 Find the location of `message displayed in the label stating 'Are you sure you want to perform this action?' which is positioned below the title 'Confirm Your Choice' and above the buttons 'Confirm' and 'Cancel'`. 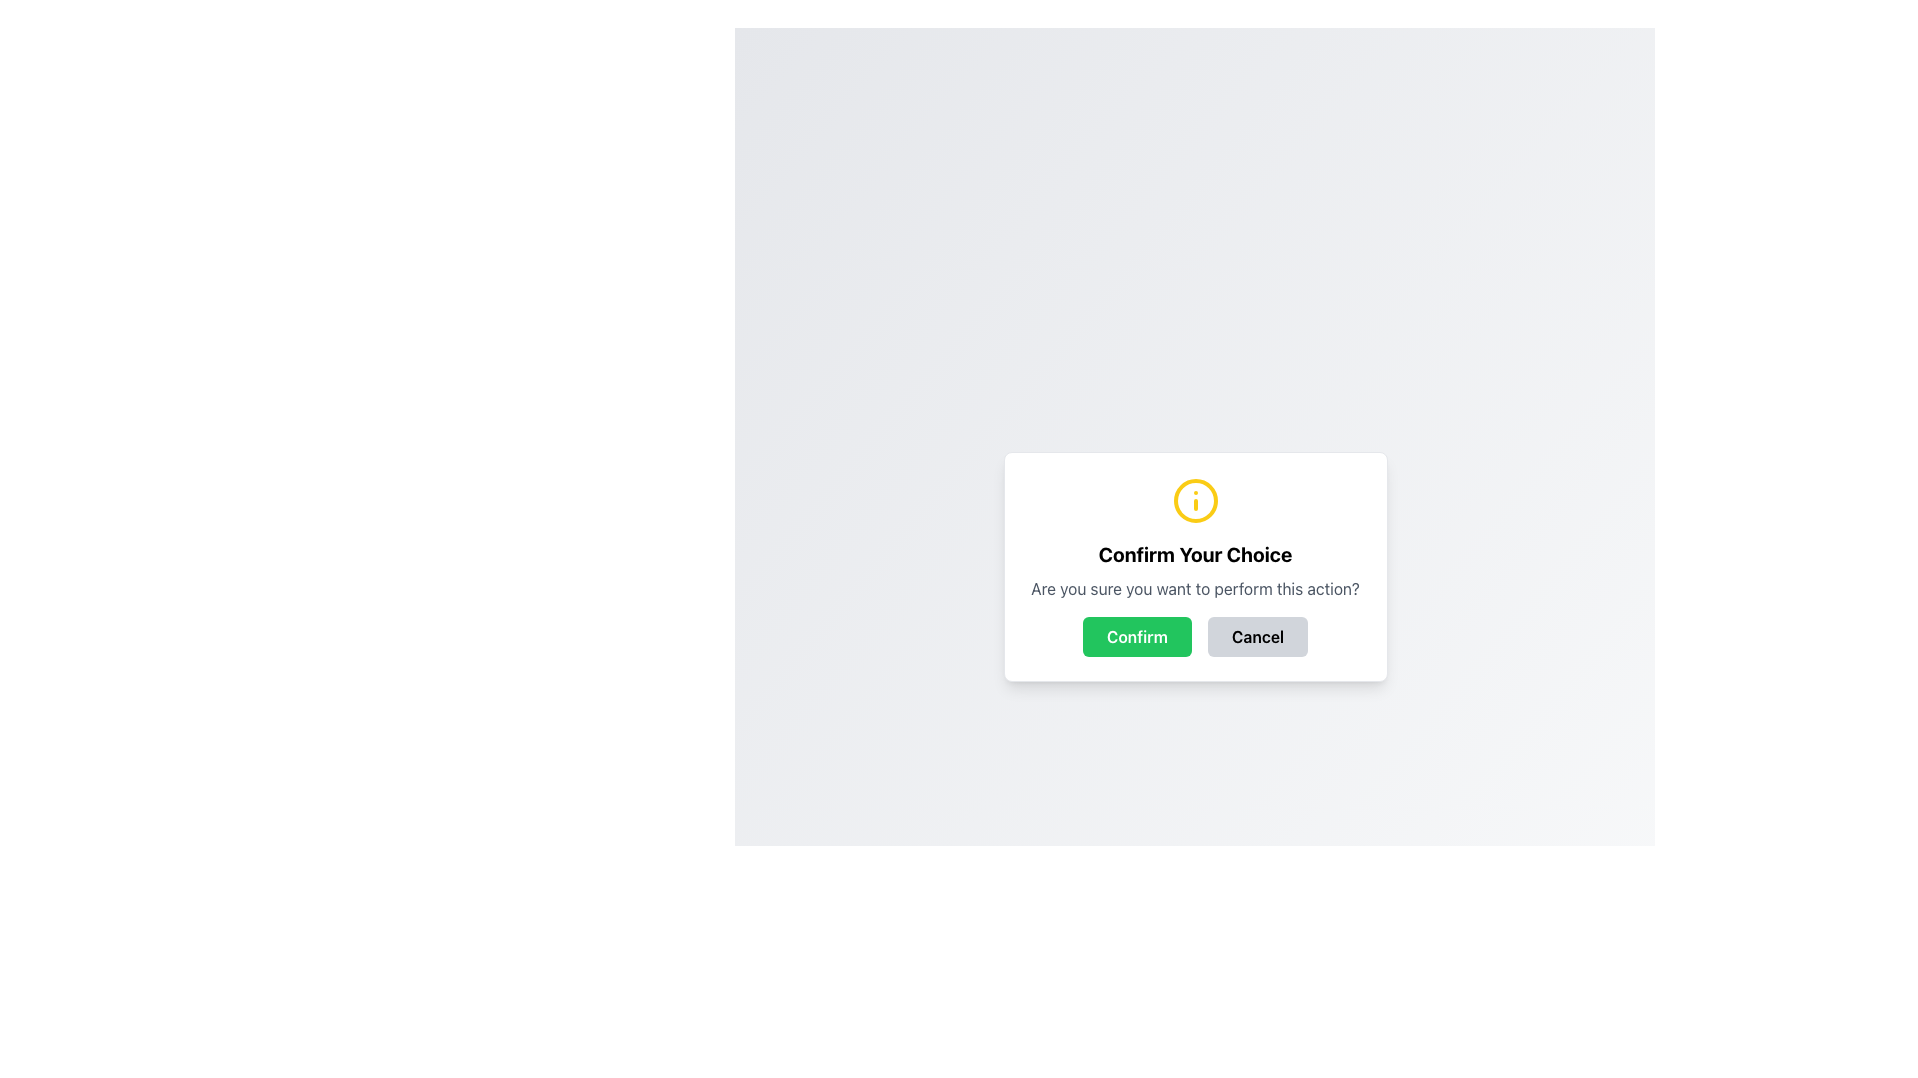

message displayed in the label stating 'Are you sure you want to perform this action?' which is positioned below the title 'Confirm Your Choice' and above the buttons 'Confirm' and 'Cancel' is located at coordinates (1195, 588).